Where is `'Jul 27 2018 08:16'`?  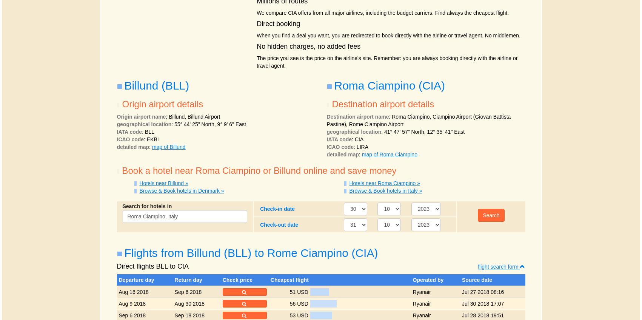
'Jul 27 2018 08:16' is located at coordinates (482, 291).